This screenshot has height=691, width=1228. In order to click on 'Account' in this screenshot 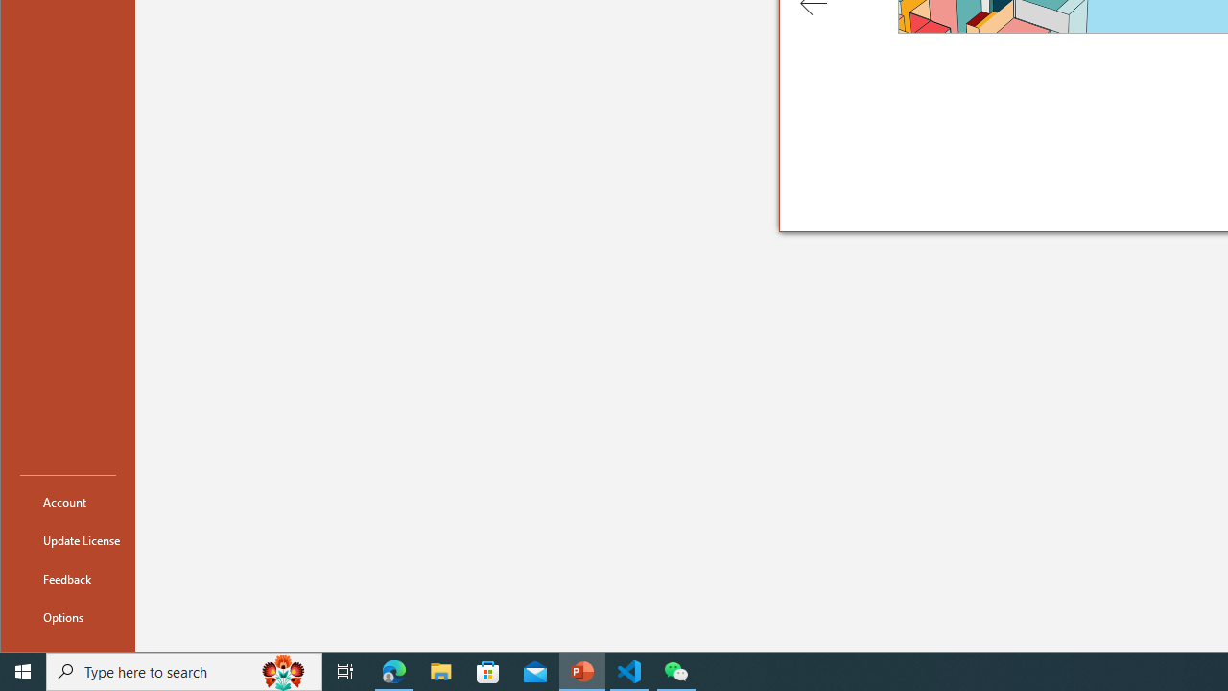, I will do `click(68, 501)`.